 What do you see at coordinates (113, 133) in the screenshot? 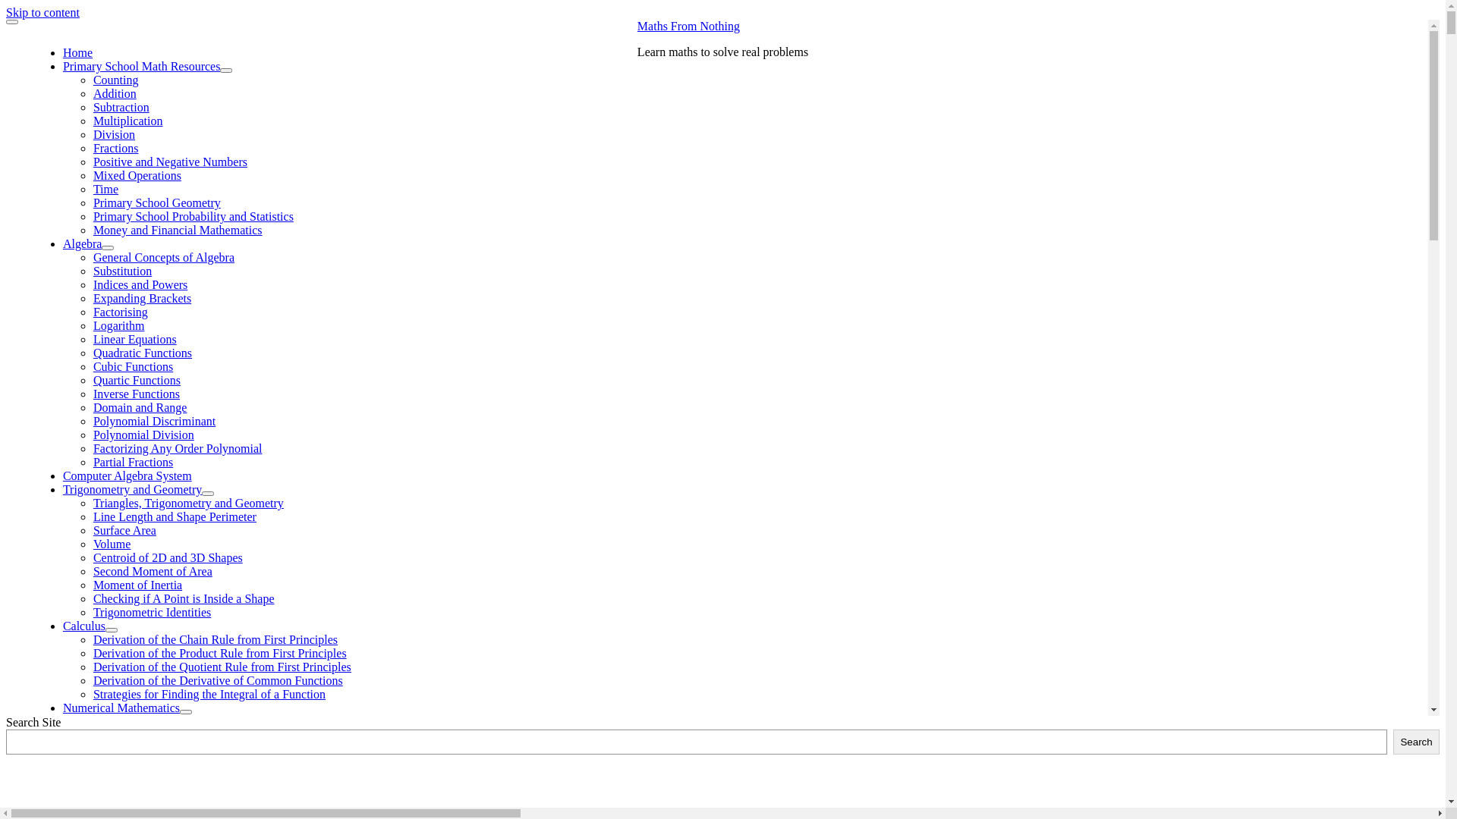
I see `'Division'` at bounding box center [113, 133].